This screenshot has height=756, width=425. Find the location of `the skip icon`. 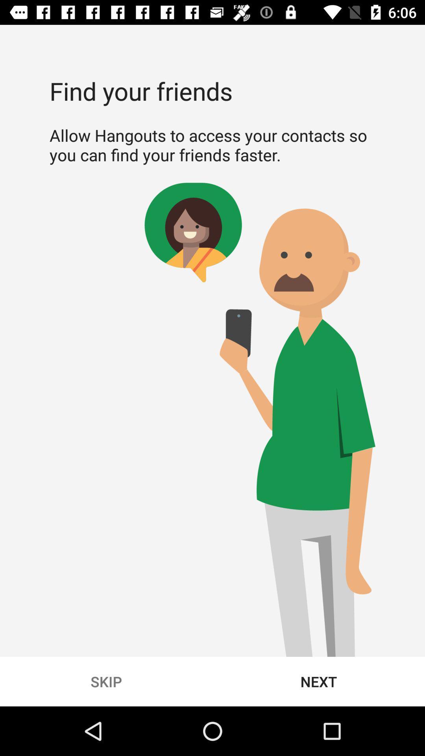

the skip icon is located at coordinates (106, 681).